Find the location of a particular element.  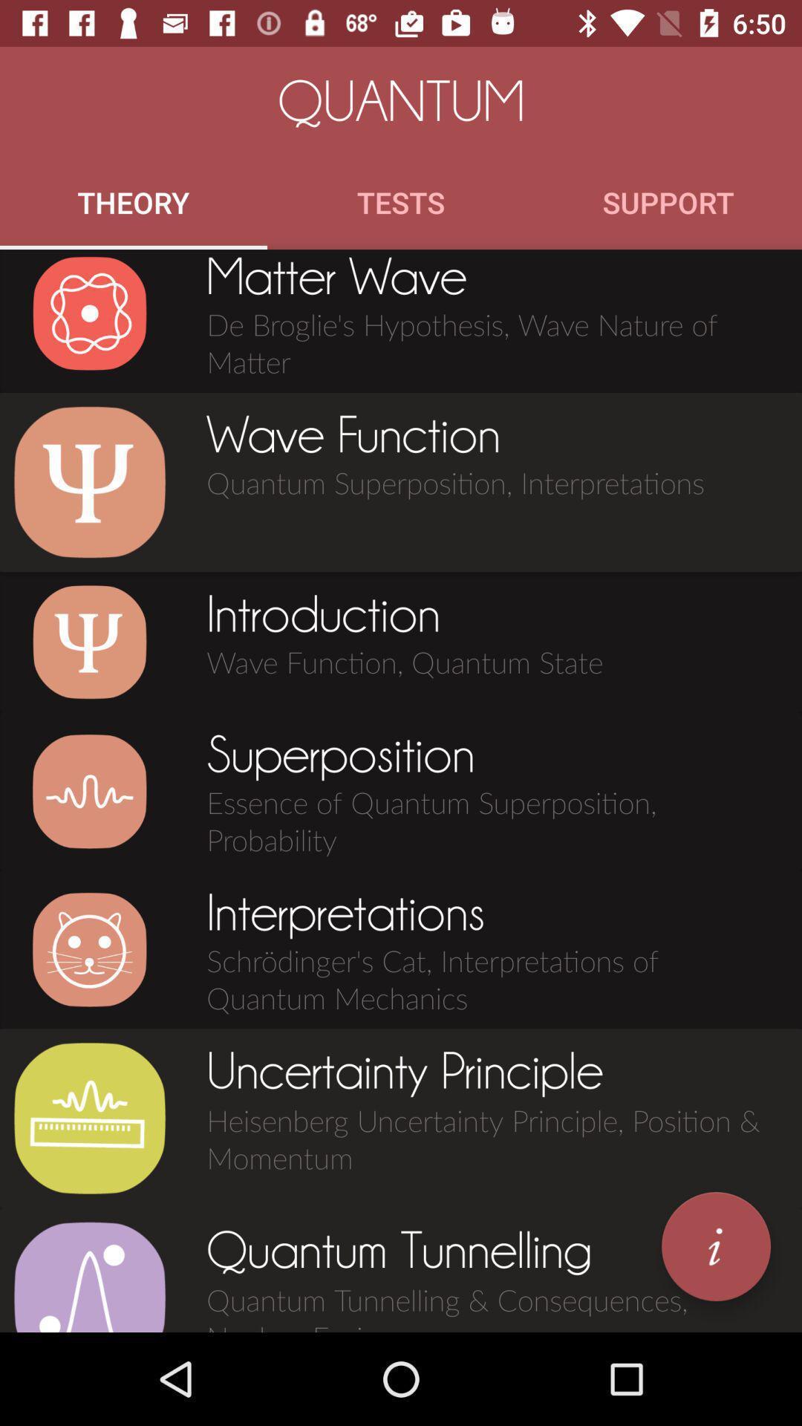

interpretations is located at coordinates (89, 948).